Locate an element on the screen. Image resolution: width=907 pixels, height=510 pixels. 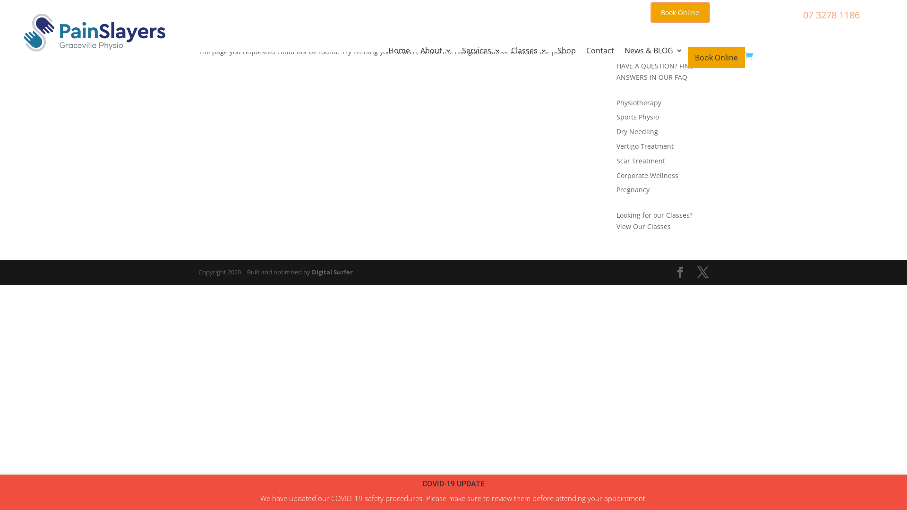
'HAVE A QUESTION? FIND ANSWERS IN OUR FAQ' is located at coordinates (655, 71).